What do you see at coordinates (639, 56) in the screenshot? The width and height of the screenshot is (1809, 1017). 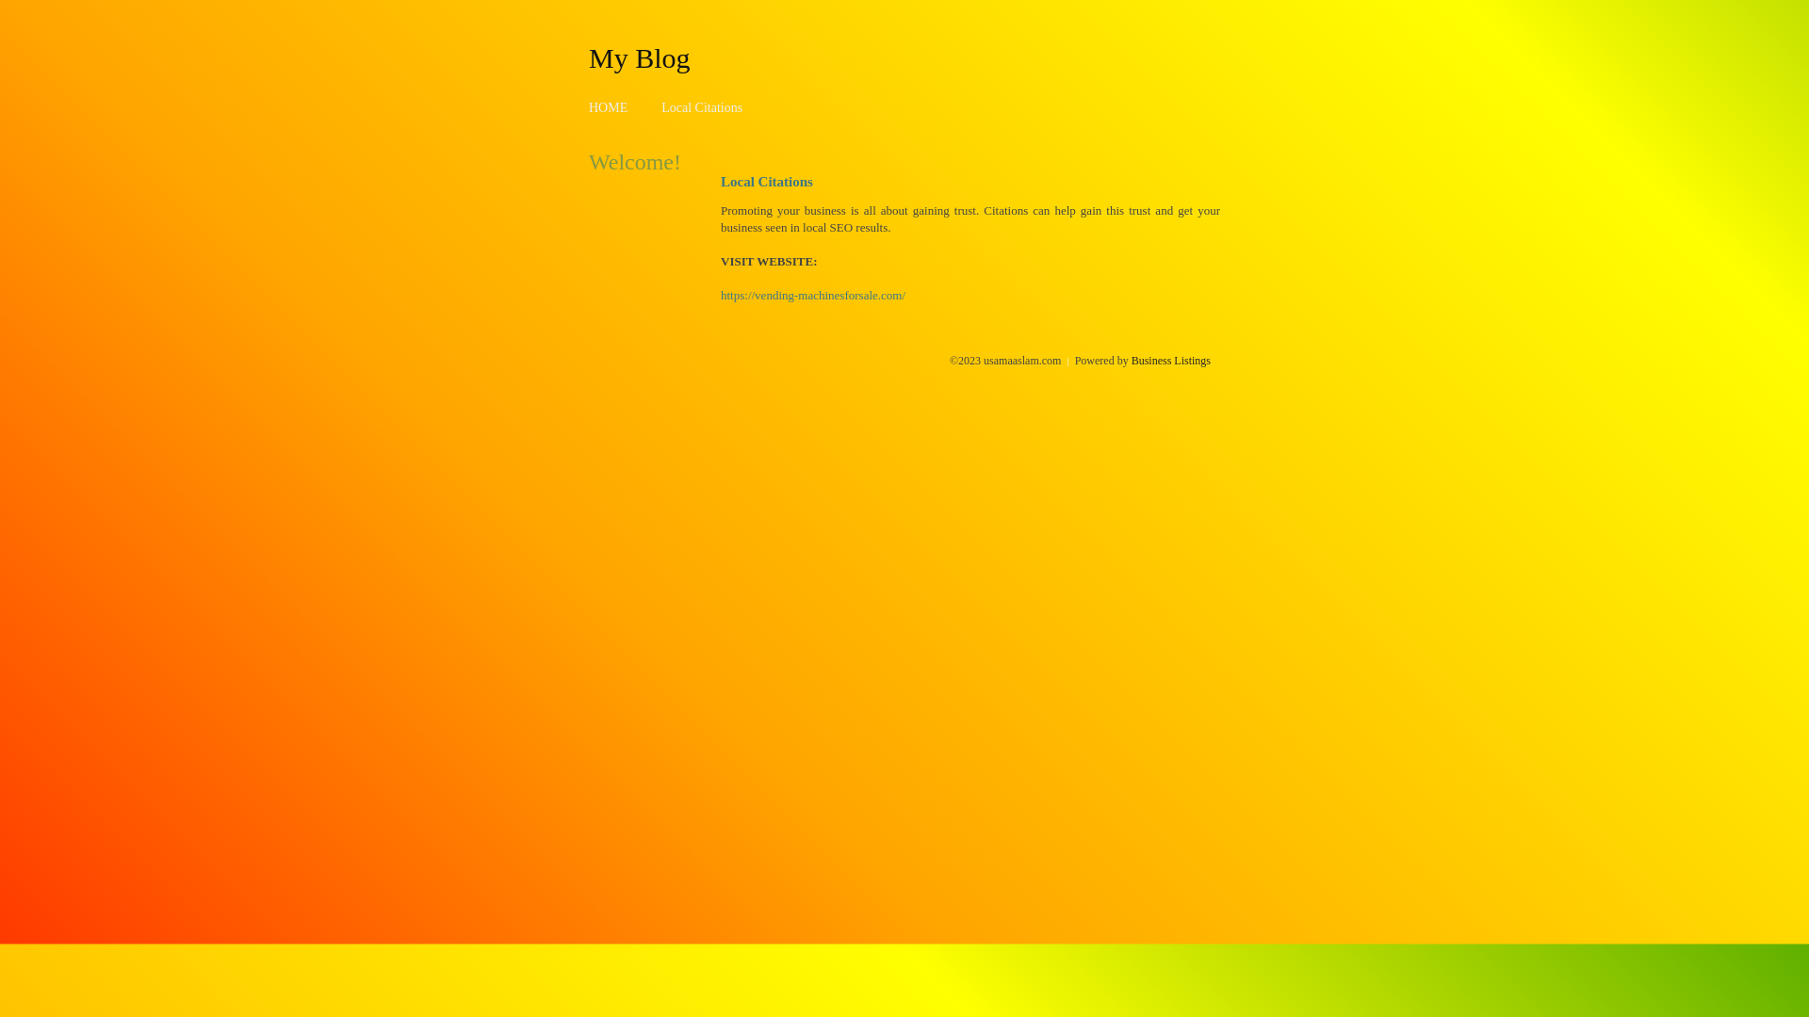 I see `'My Blog'` at bounding box center [639, 56].